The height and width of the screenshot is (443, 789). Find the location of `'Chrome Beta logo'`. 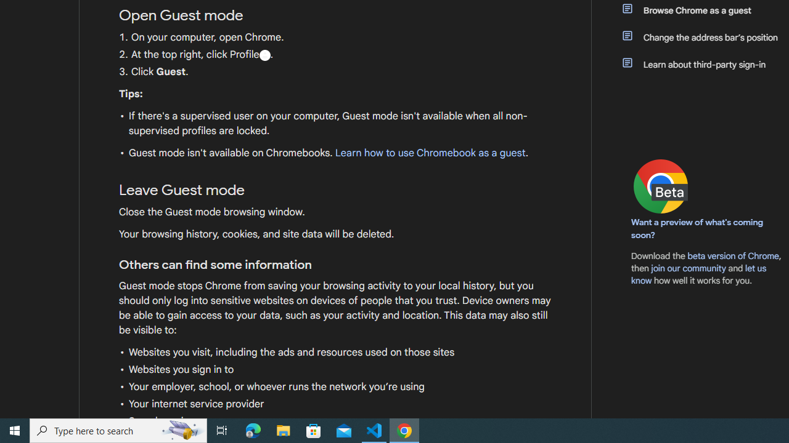

'Chrome Beta logo' is located at coordinates (660, 186).